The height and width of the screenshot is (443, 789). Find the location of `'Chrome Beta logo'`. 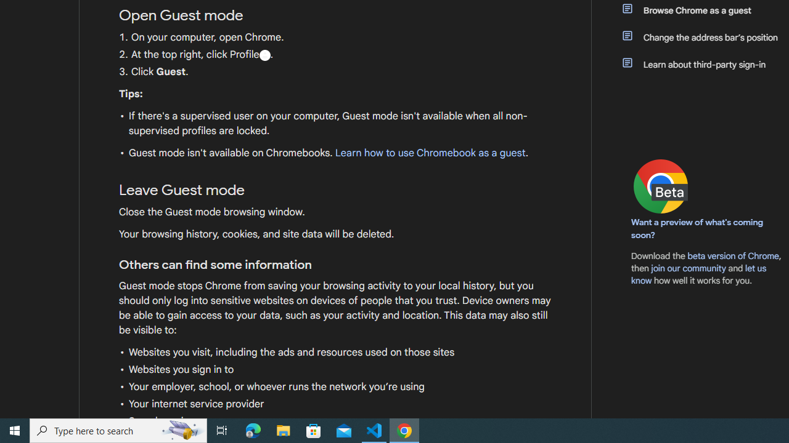

'Chrome Beta logo' is located at coordinates (660, 186).